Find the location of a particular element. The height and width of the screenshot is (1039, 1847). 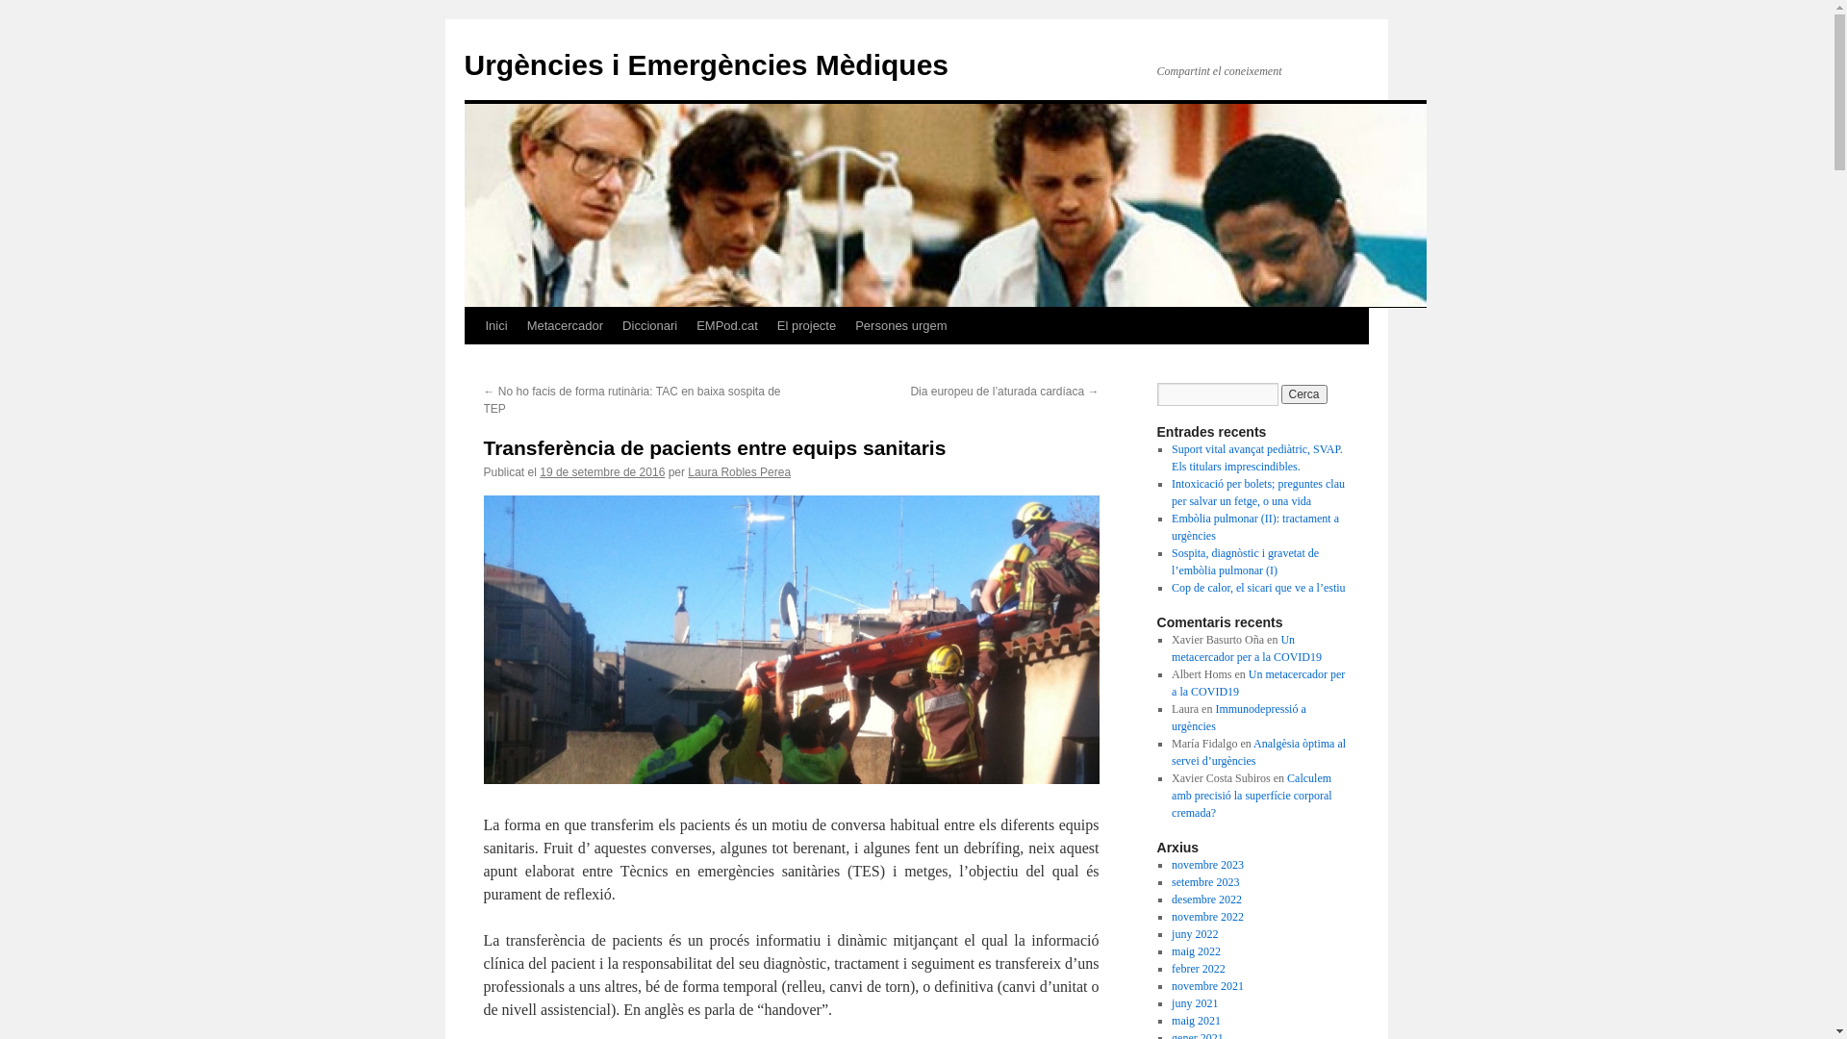

'maig 2021' is located at coordinates (1195, 1019).